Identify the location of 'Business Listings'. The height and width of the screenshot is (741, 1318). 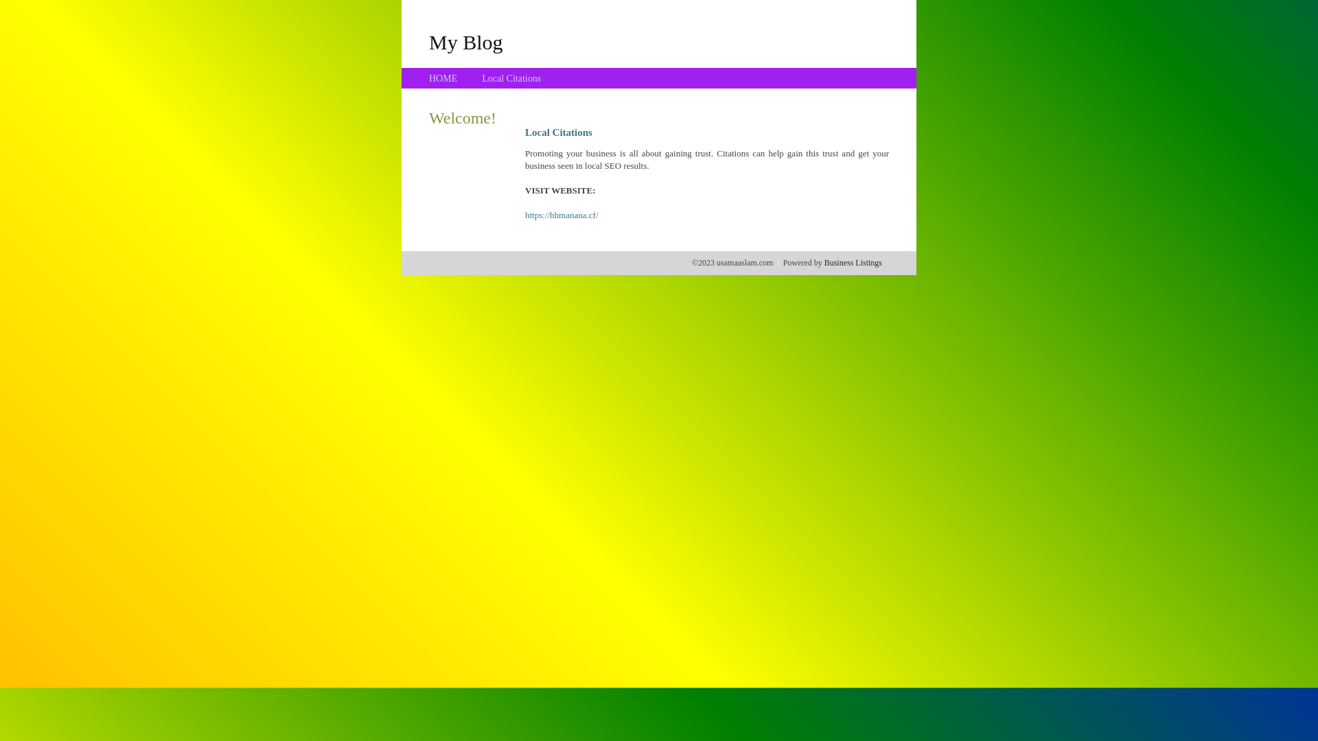
(824, 262).